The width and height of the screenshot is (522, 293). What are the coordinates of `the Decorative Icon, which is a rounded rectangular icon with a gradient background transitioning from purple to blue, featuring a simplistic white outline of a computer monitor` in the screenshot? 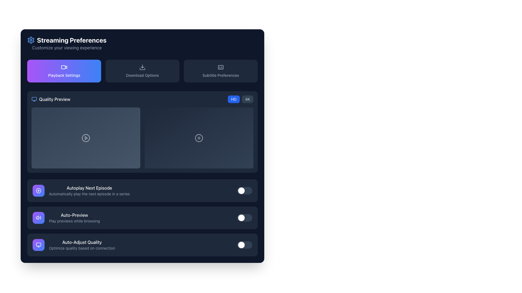 It's located at (38, 245).